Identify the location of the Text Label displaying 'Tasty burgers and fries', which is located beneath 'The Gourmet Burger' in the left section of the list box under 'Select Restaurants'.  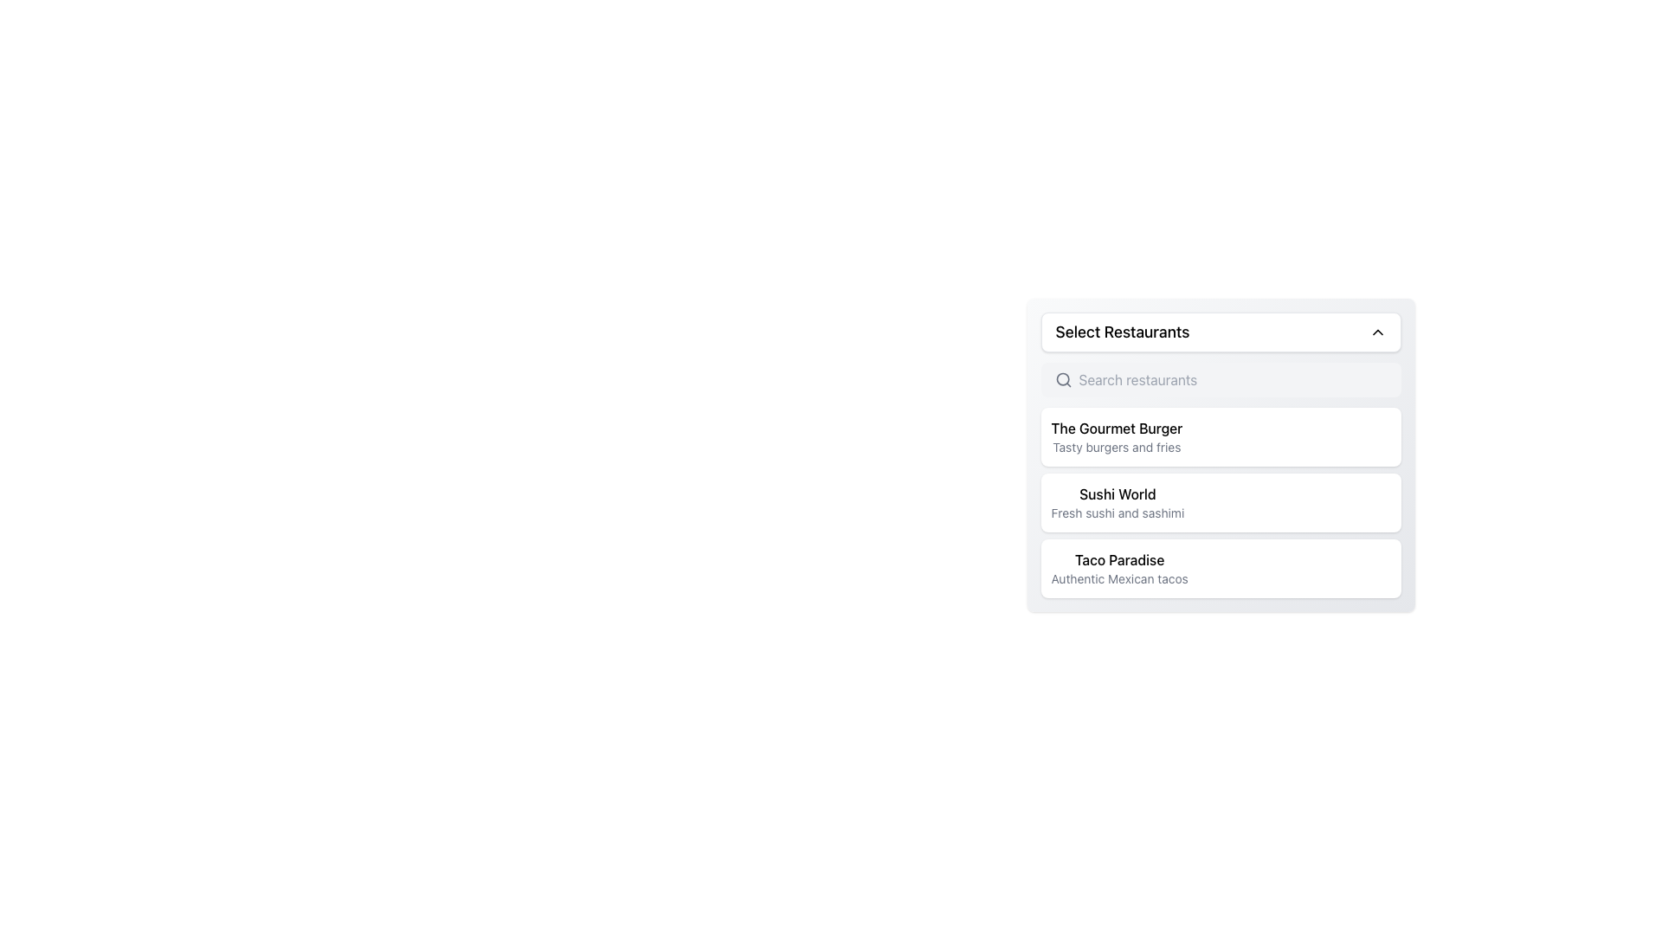
(1117, 446).